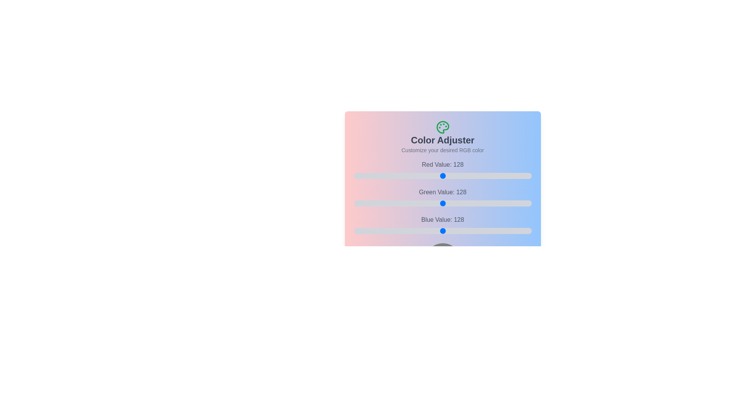 The image size is (735, 413). Describe the element at coordinates (485, 203) in the screenshot. I see `the 1 slider to 122` at that location.